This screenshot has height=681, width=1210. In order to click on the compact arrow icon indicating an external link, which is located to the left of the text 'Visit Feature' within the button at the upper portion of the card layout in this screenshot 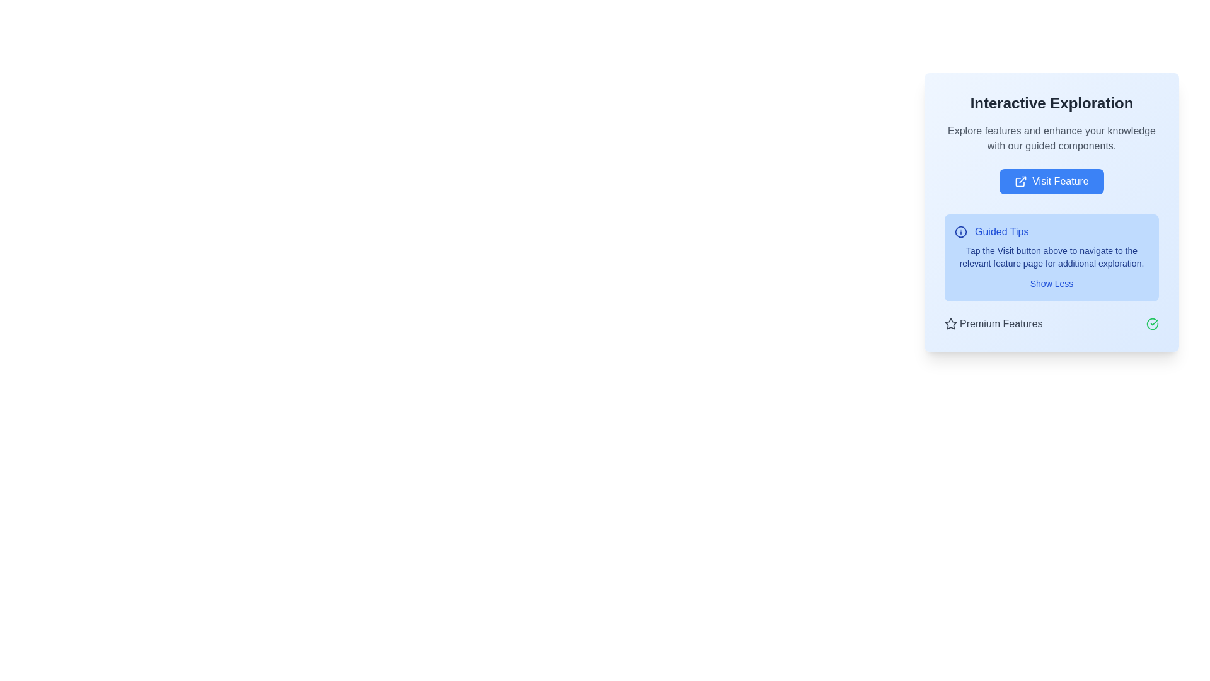, I will do `click(1021, 182)`.